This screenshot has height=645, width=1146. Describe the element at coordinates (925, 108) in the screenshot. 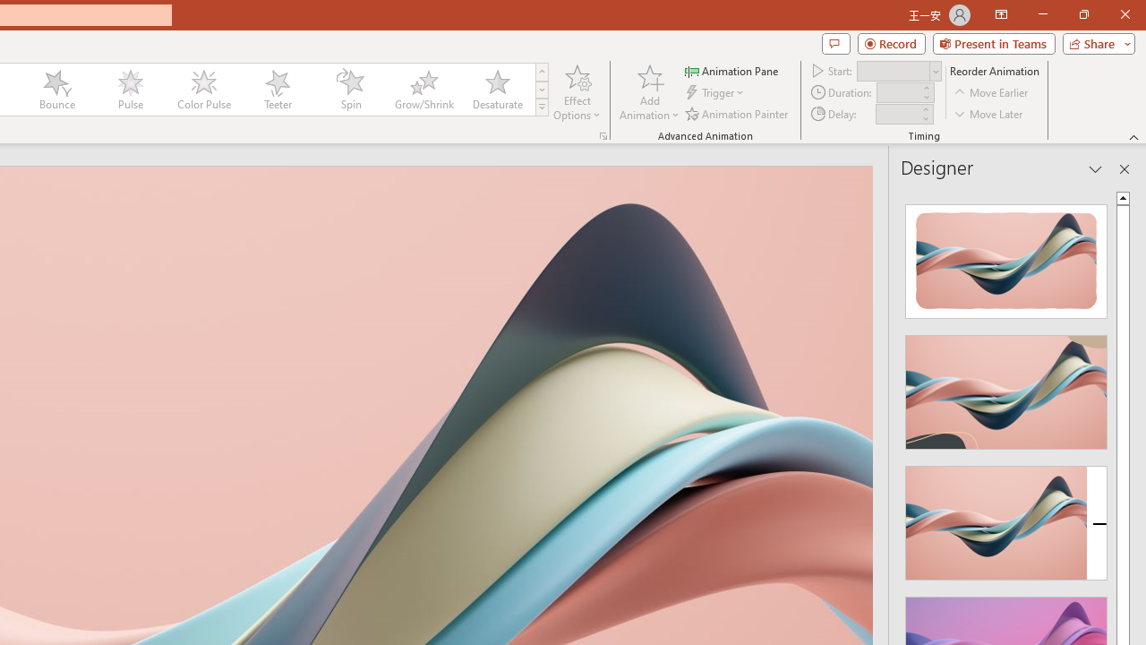

I see `'More'` at that location.